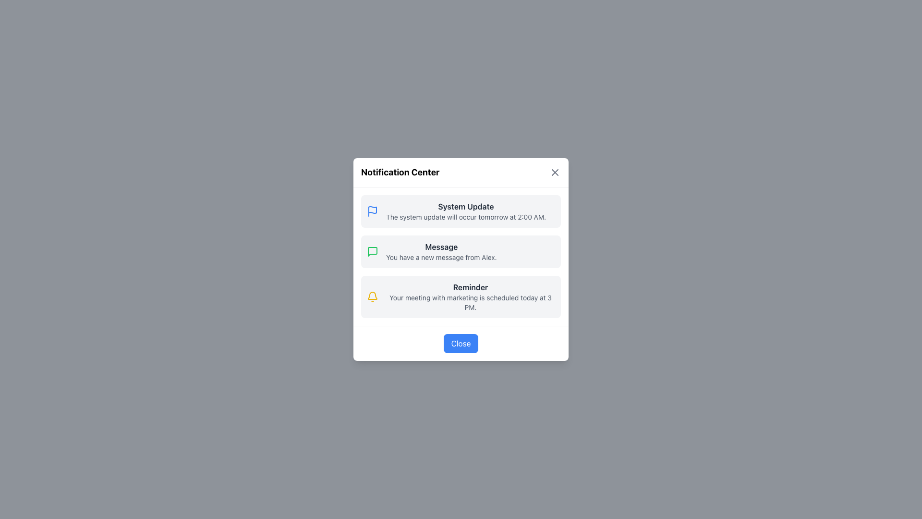 Image resolution: width=922 pixels, height=519 pixels. What do you see at coordinates (372, 209) in the screenshot?
I see `the main body of the SVG flag icon in the first notification labeled 'System Update' in the Notification Center` at bounding box center [372, 209].